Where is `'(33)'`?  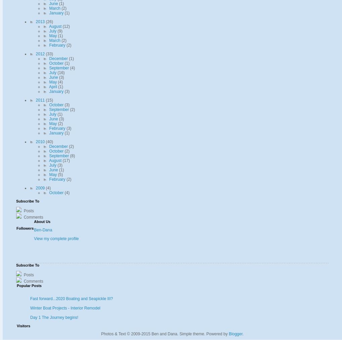 '(33)' is located at coordinates (49, 54).